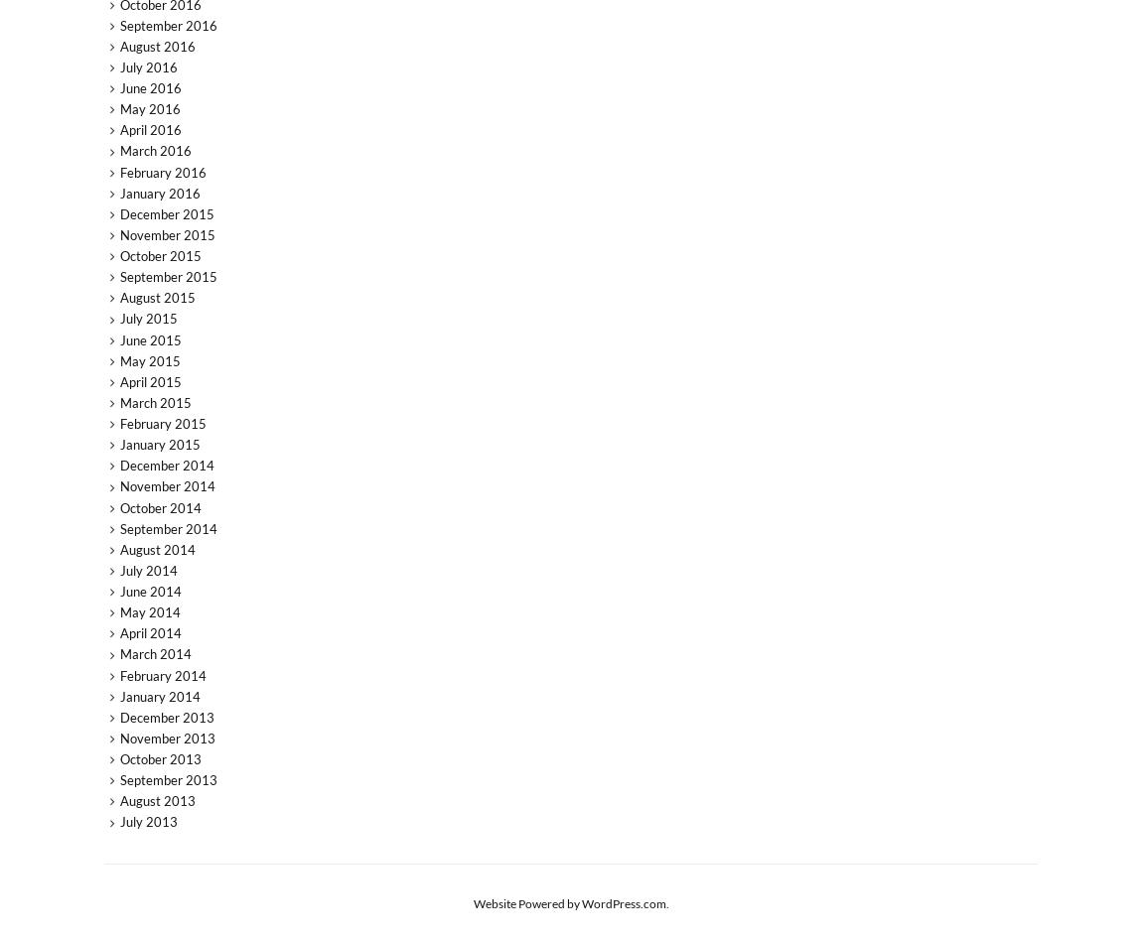 The width and height of the screenshot is (1142, 942). Describe the element at coordinates (158, 696) in the screenshot. I see `'January 2014'` at that location.